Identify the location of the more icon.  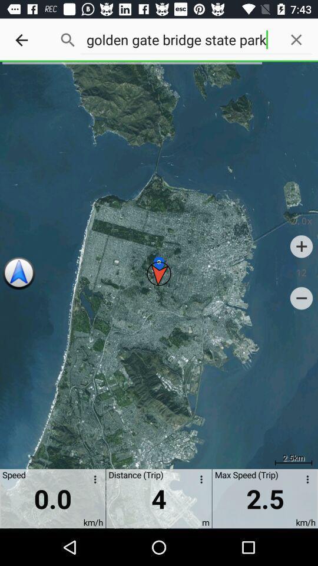
(305, 481).